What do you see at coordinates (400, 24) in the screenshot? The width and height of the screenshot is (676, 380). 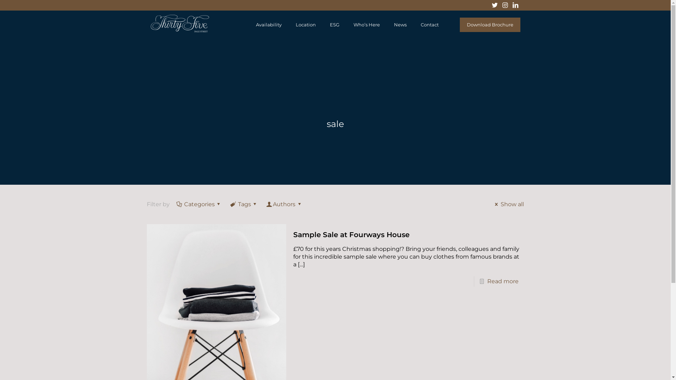 I see `'News'` at bounding box center [400, 24].